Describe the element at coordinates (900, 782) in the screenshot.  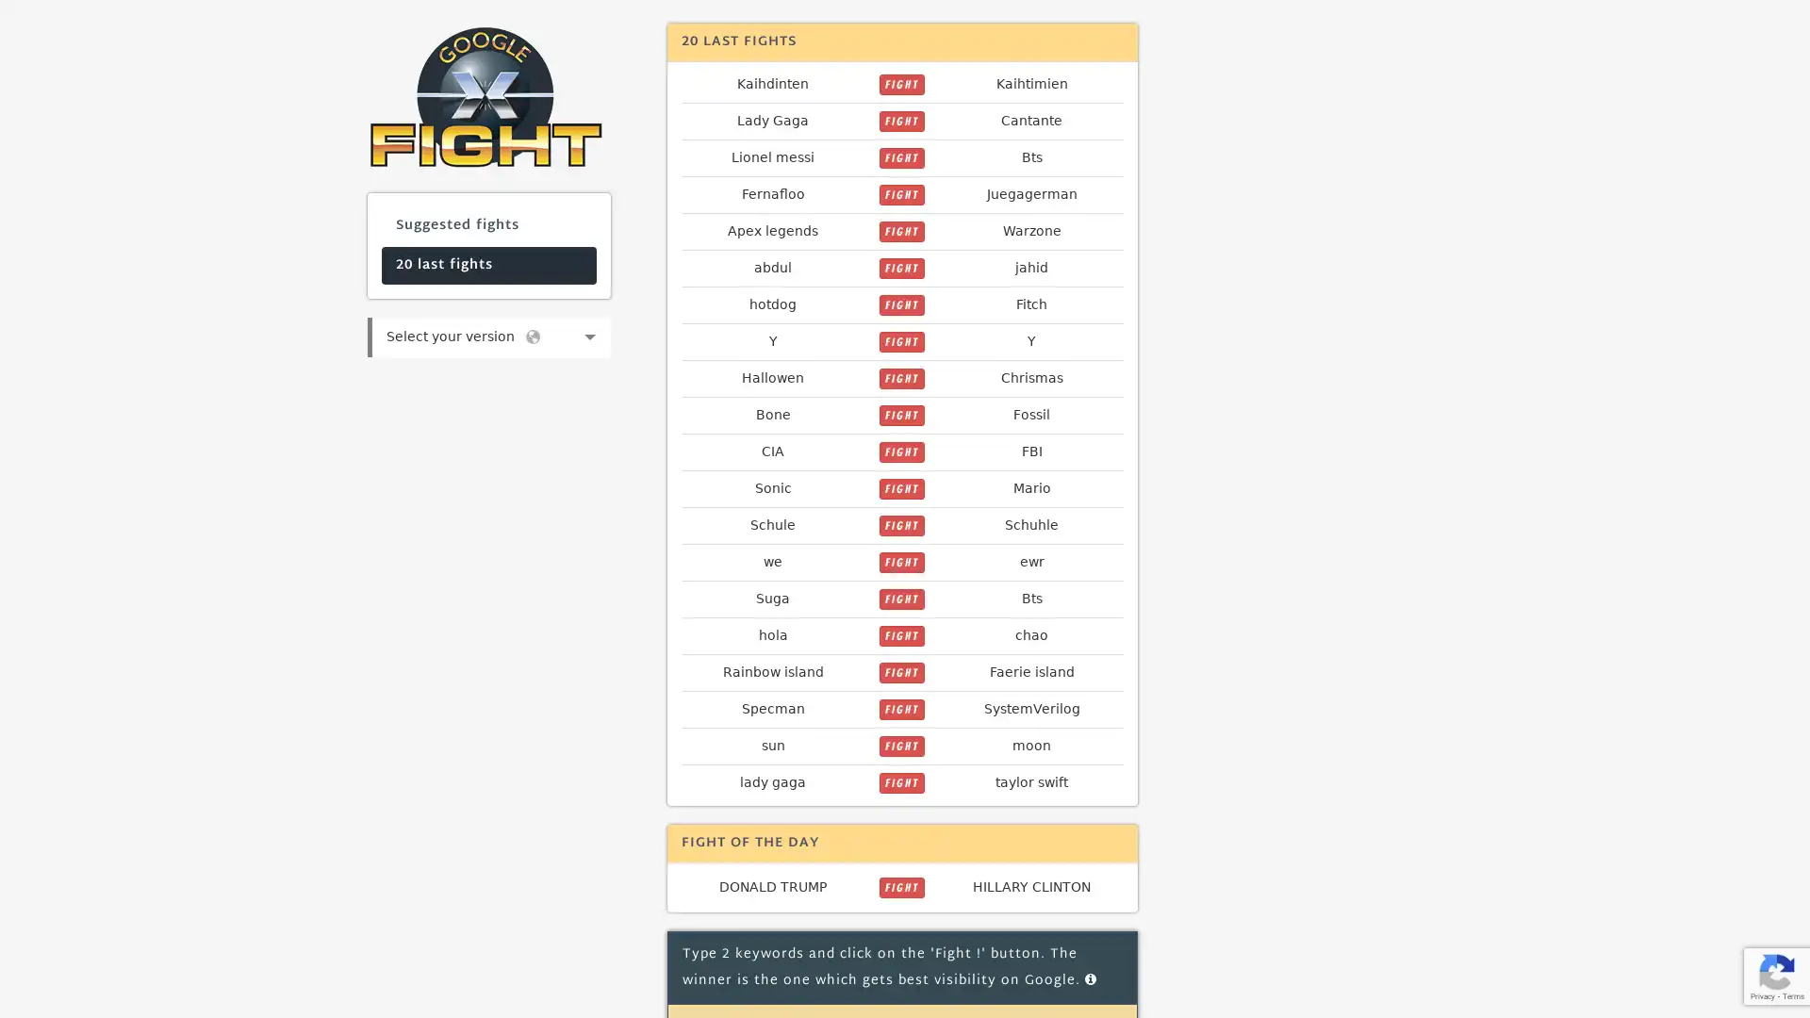
I see `FIGHT` at that location.